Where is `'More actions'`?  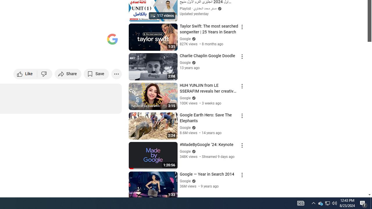
'More actions' is located at coordinates (116, 73).